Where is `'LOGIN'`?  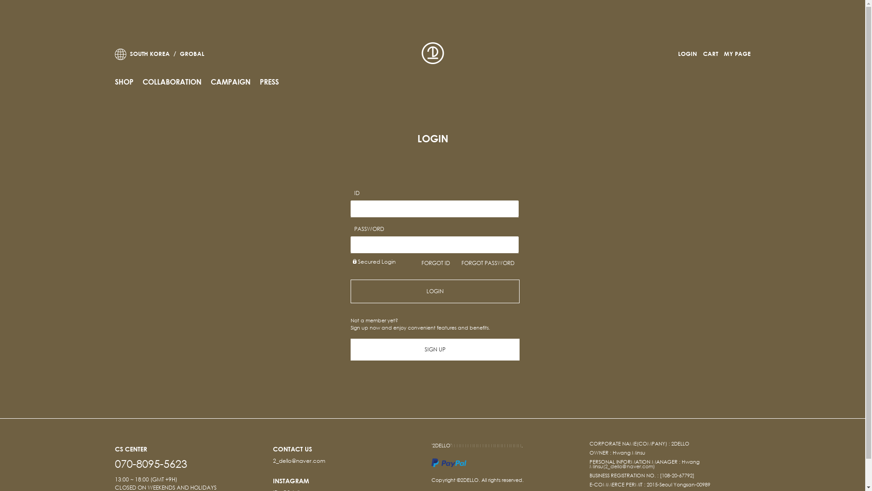
'LOGIN' is located at coordinates (684, 54).